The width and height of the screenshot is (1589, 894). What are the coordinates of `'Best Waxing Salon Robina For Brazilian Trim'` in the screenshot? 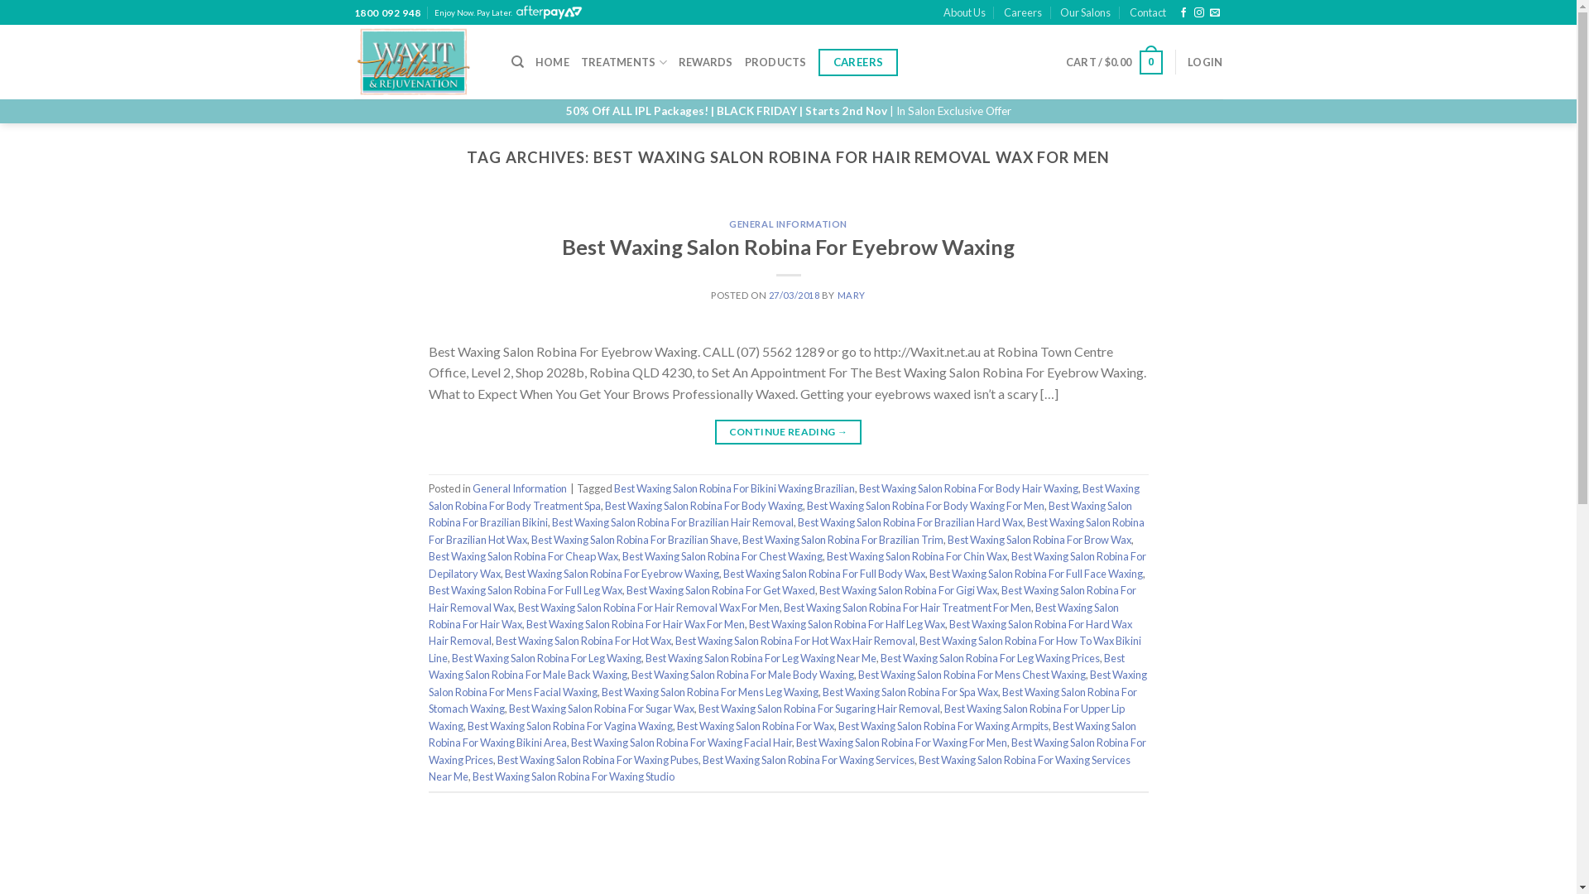 It's located at (741, 539).